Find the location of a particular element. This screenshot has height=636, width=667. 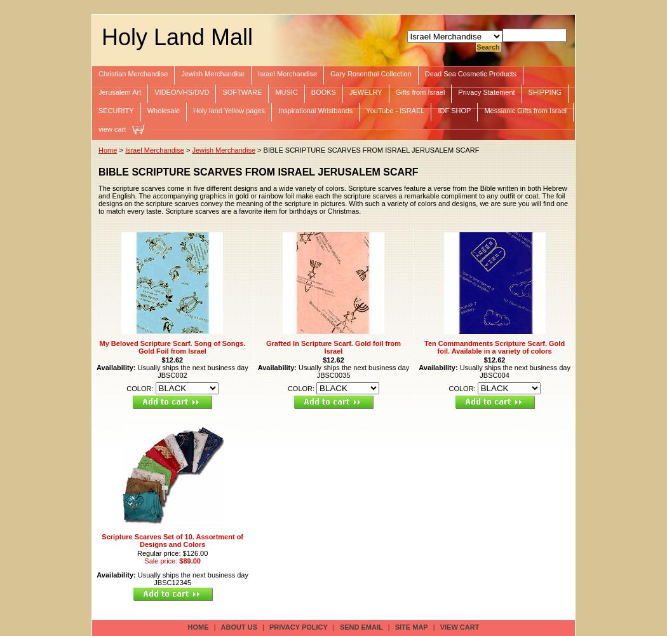

'BOOKS' is located at coordinates (322, 92).